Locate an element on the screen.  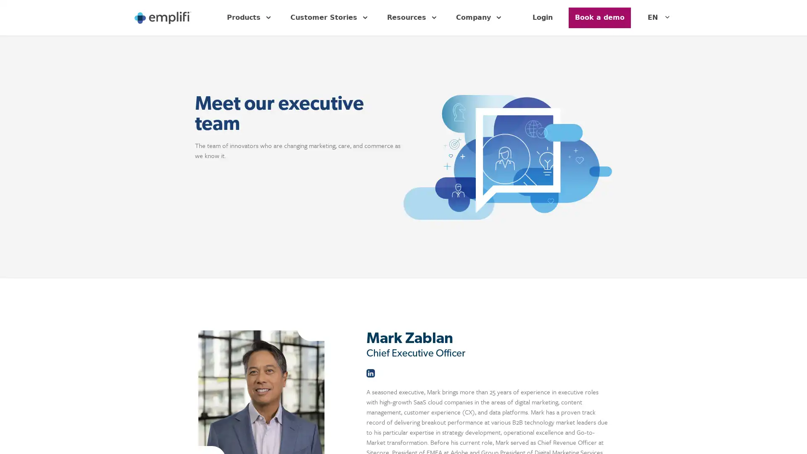
Button is located at coordinates (599, 18).